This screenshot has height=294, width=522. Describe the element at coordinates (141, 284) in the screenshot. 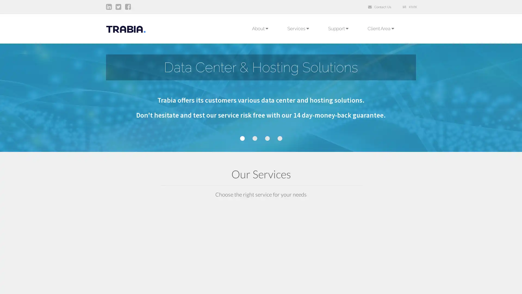

I see `See All` at that location.